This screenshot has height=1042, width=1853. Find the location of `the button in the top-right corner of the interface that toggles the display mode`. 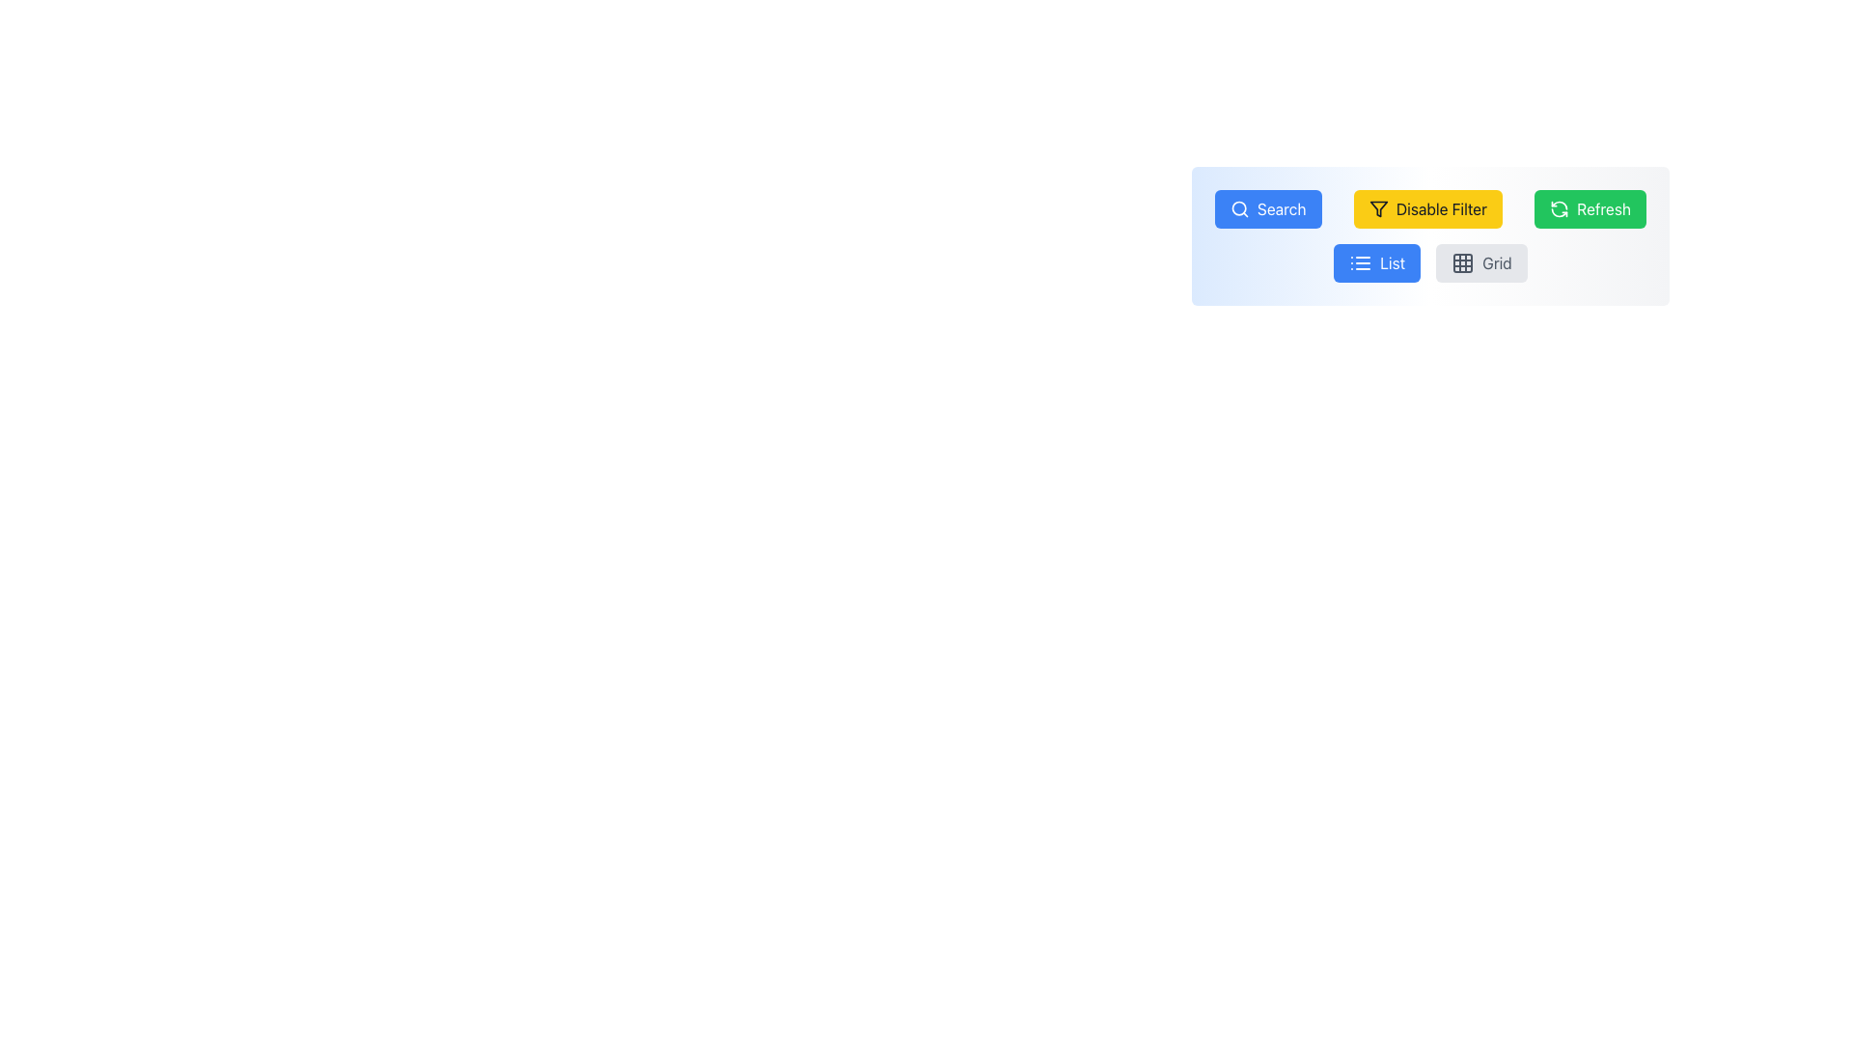

the button in the top-right corner of the interface that toggles the display mode is located at coordinates (1480, 263).